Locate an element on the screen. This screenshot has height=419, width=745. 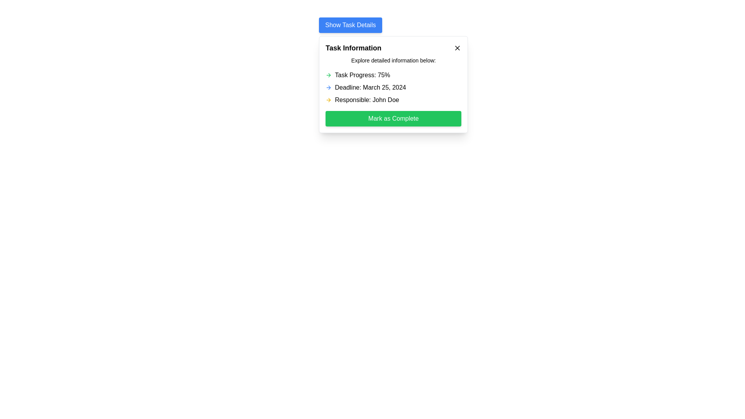
the static text label that indicates the current percentage completion of a task, which is the first text descriptor under the title 'Task Information' is located at coordinates (362, 75).